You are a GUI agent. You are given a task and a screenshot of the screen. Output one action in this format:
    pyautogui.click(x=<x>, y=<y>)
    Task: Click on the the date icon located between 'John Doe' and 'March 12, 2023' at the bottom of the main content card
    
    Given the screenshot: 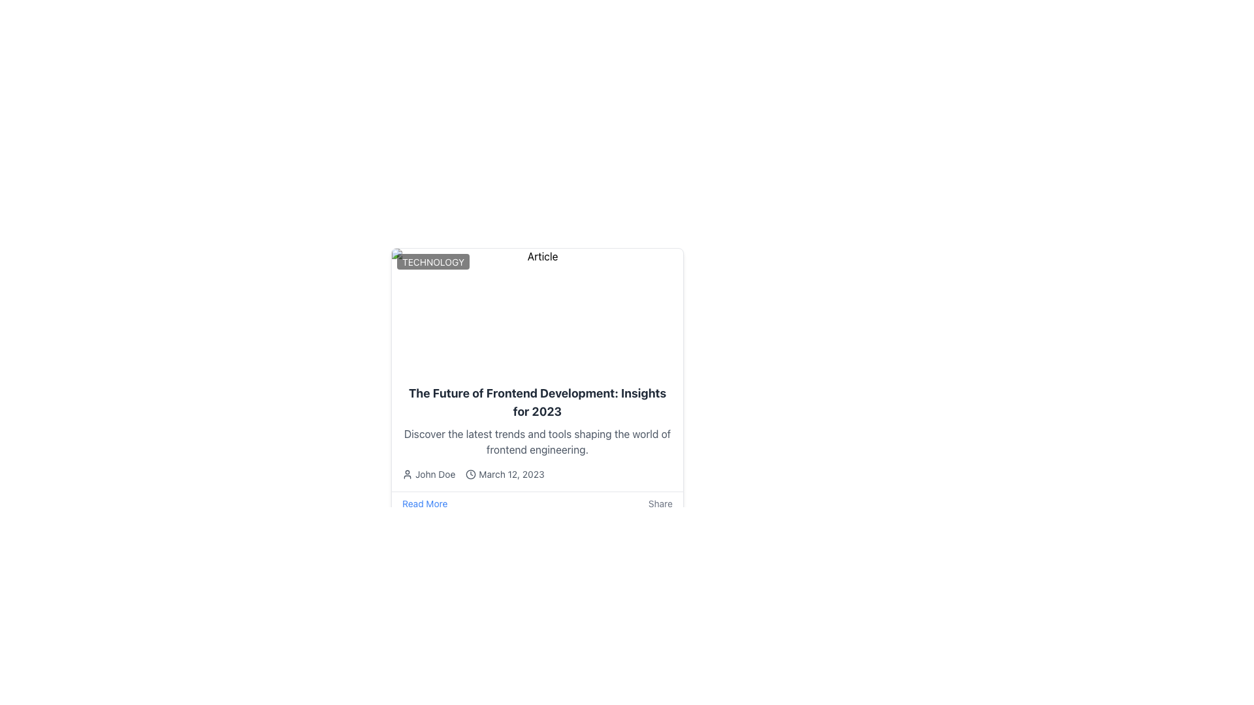 What is the action you would take?
    pyautogui.click(x=470, y=474)
    